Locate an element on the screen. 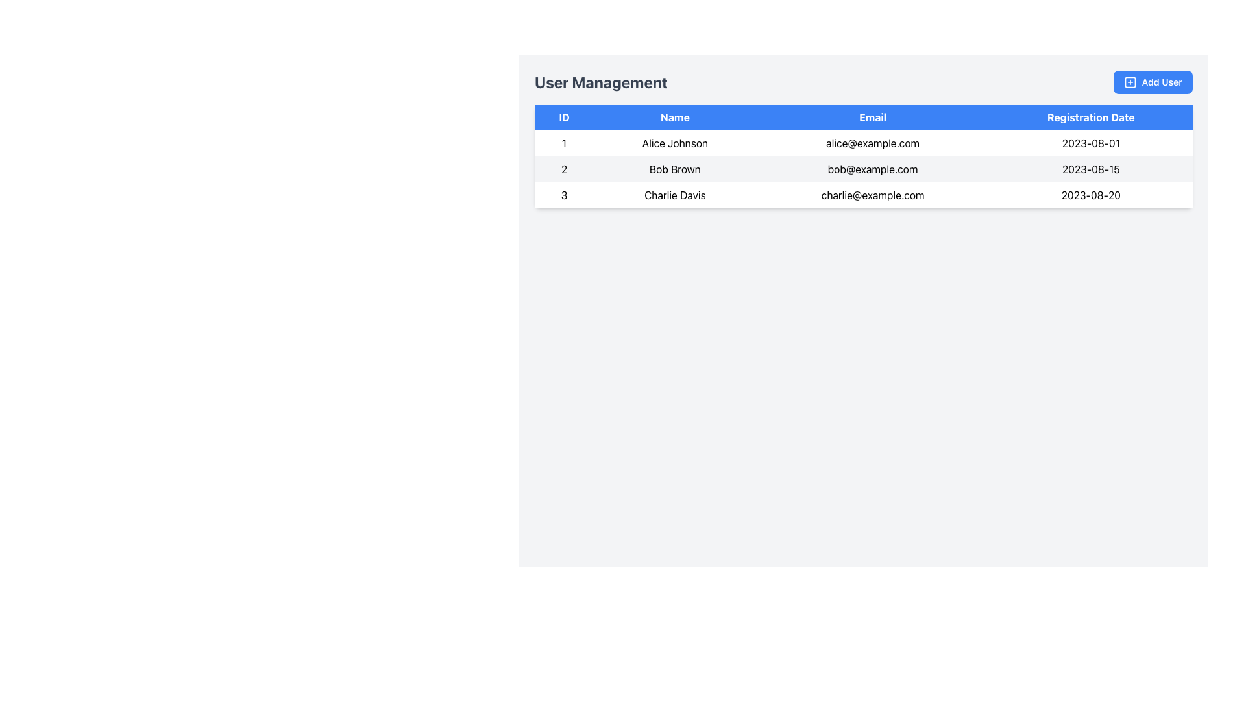 This screenshot has width=1246, height=701. the text displaying the date '2023-08-01' in the 'Registration Date' column of the user details table for Alice Johnson is located at coordinates (1090, 143).